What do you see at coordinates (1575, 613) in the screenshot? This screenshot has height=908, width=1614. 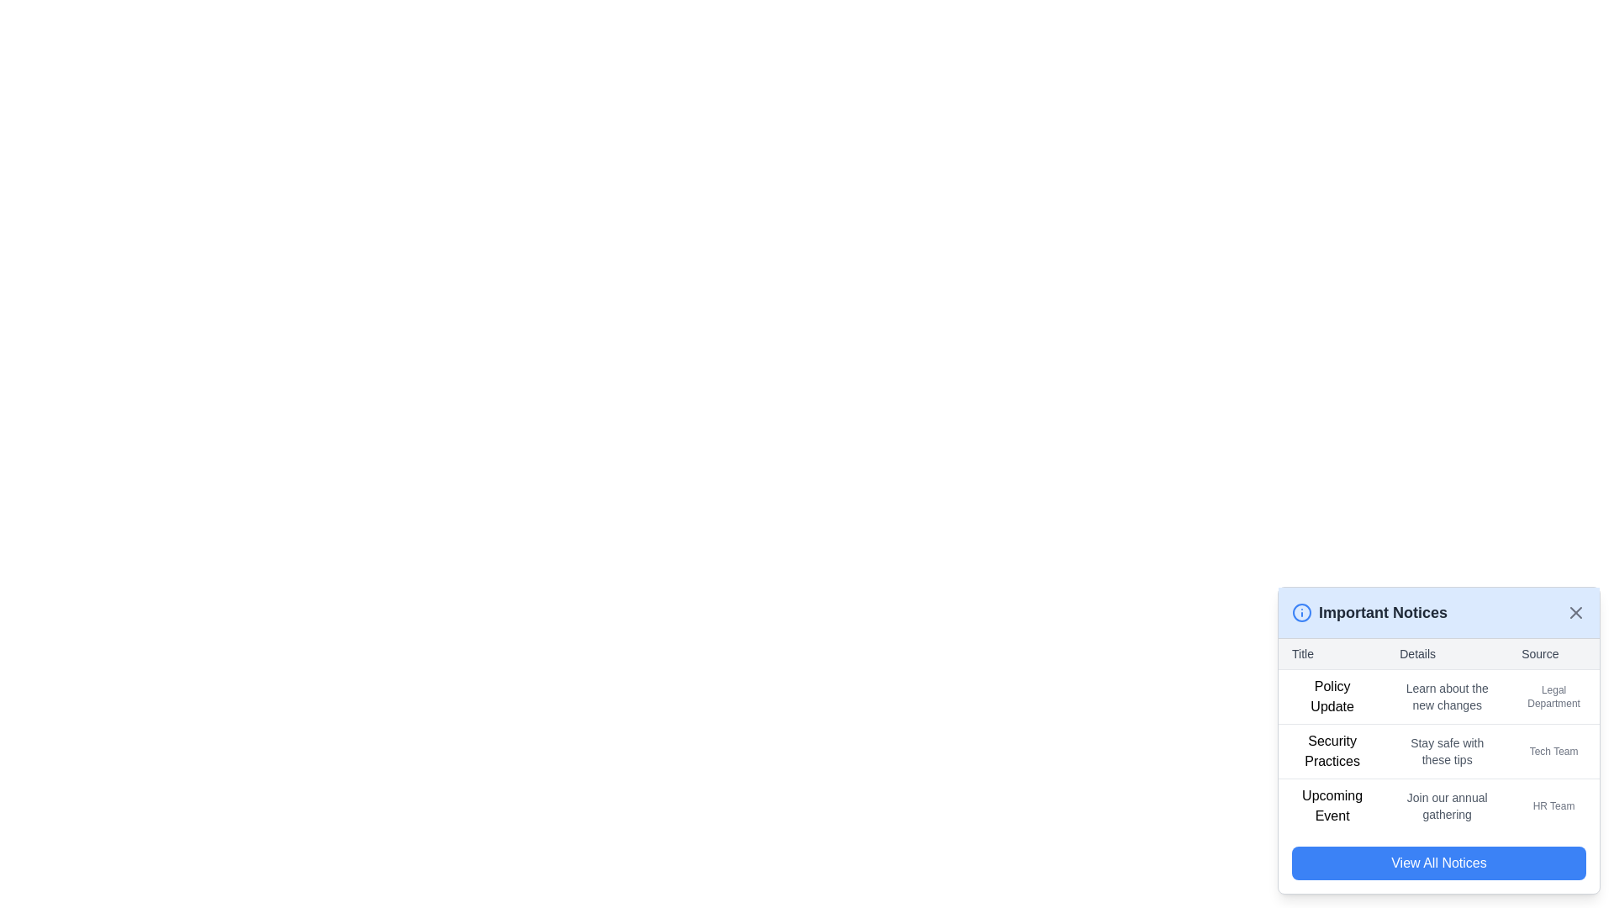 I see `the close-button icon, which resembles a diagonal cross, located in the top-right corner of the 'Important Notices' section` at bounding box center [1575, 613].